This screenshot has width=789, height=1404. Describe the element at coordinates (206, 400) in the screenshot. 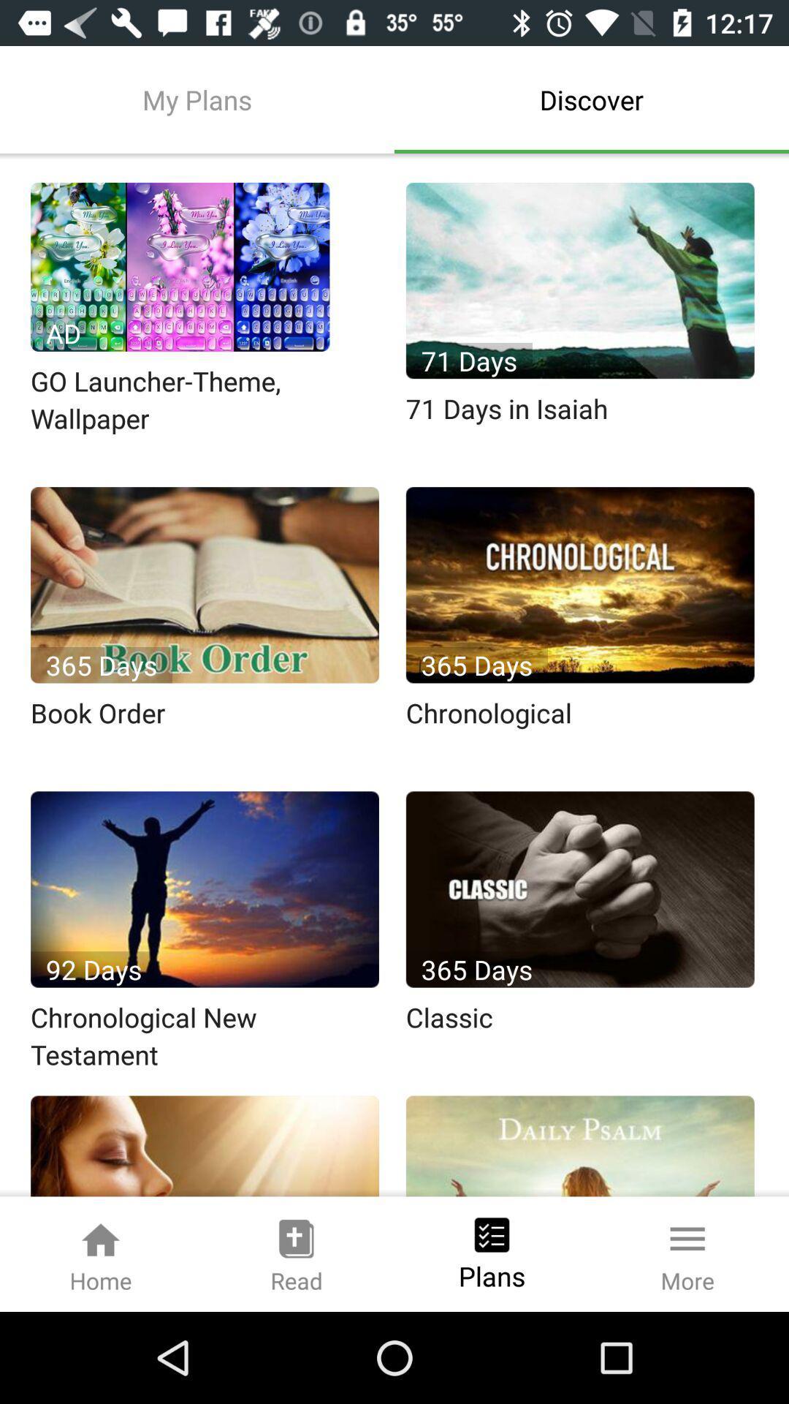

I see `the text below the first picture` at that location.